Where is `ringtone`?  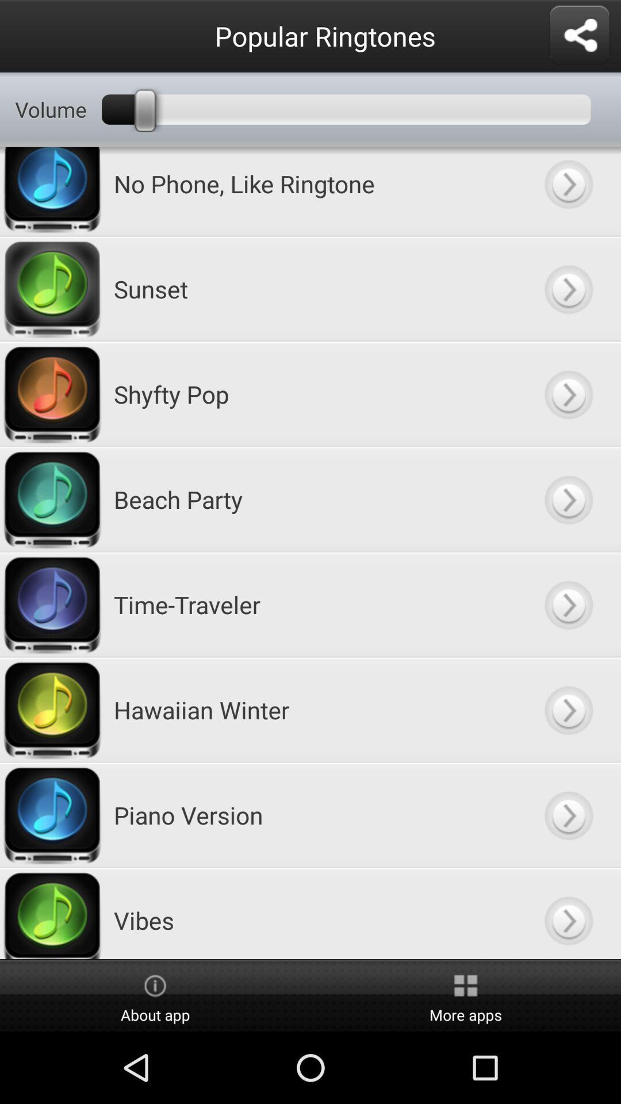 ringtone is located at coordinates (568, 289).